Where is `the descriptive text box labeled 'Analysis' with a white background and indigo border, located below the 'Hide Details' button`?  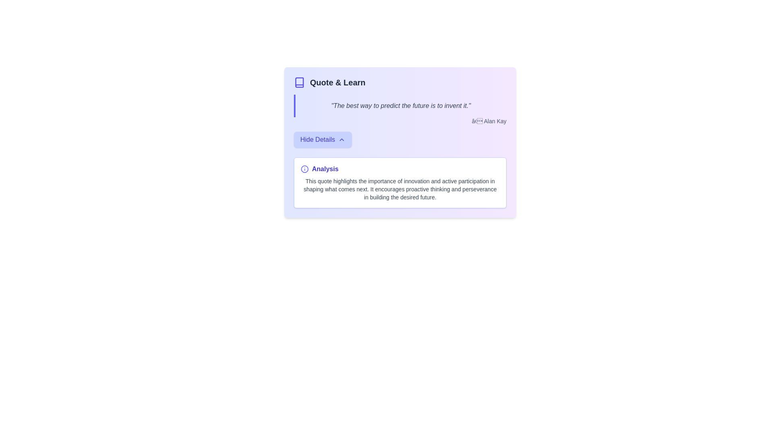 the descriptive text box labeled 'Analysis' with a white background and indigo border, located below the 'Hide Details' button is located at coordinates (400, 183).